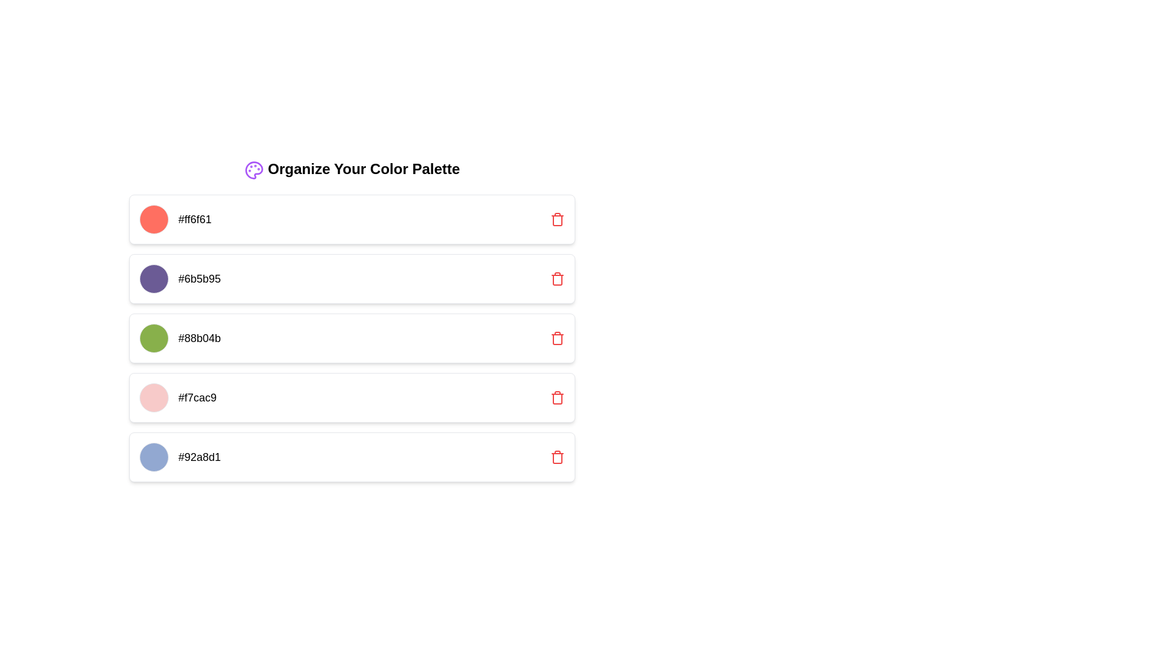 The height and width of the screenshot is (655, 1165). What do you see at coordinates (253, 170) in the screenshot?
I see `the purple-colored circular palette icon located above the text block titled 'Organize Your Color Palette'` at bounding box center [253, 170].